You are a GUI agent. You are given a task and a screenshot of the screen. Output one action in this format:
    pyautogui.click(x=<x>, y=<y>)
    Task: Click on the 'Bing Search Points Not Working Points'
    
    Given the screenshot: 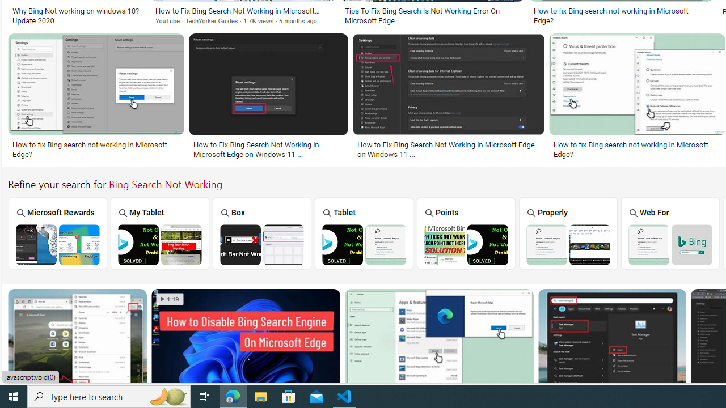 What is the action you would take?
    pyautogui.click(x=466, y=232)
    